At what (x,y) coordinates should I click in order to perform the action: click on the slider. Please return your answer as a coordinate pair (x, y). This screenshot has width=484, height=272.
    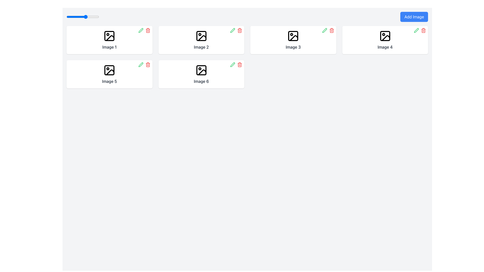
    Looking at the image, I should click on (79, 16).